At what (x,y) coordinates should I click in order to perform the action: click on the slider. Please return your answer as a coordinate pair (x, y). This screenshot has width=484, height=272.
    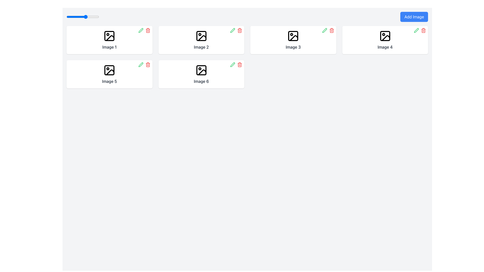
    Looking at the image, I should click on (79, 16).